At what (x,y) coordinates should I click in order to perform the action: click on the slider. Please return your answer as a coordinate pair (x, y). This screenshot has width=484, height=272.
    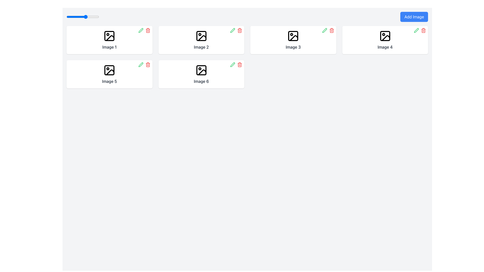
    Looking at the image, I should click on (79, 16).